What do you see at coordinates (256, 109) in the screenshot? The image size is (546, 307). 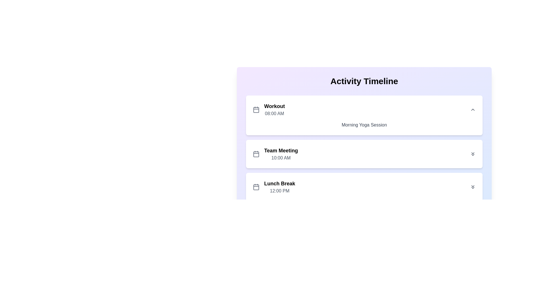 I see `the calendar icon located to the left of the text 'Workout' and '08:00 AM' in the first item of the activity timeline` at bounding box center [256, 109].